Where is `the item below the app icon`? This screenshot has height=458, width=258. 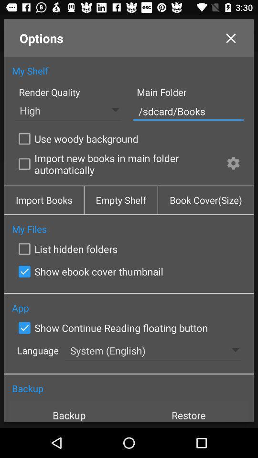 the item below the app icon is located at coordinates (110, 328).